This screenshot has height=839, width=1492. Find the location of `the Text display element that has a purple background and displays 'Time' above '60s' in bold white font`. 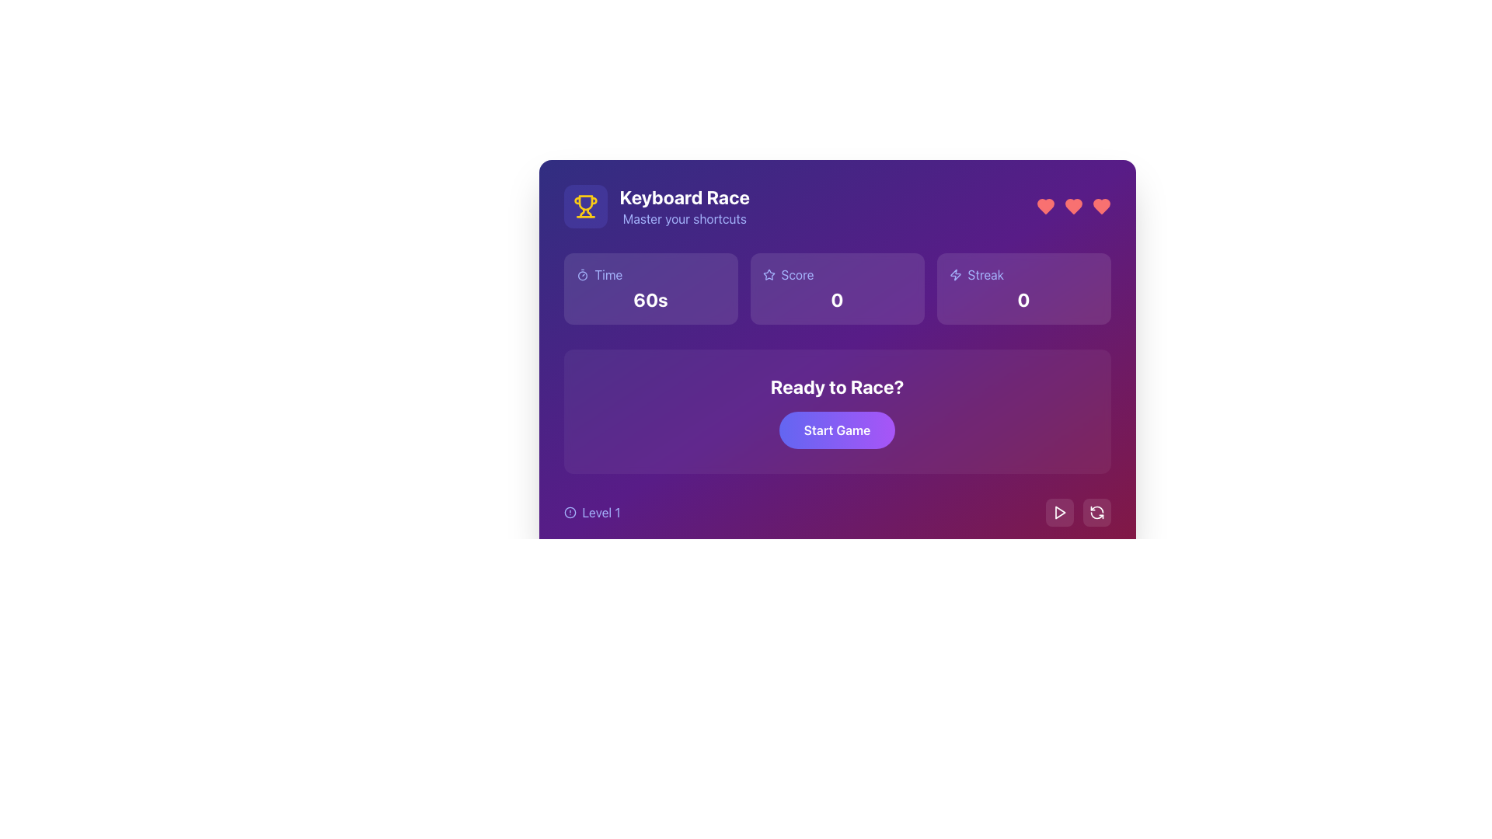

the Text display element that has a purple background and displays 'Time' above '60s' in bold white font is located at coordinates (650, 288).